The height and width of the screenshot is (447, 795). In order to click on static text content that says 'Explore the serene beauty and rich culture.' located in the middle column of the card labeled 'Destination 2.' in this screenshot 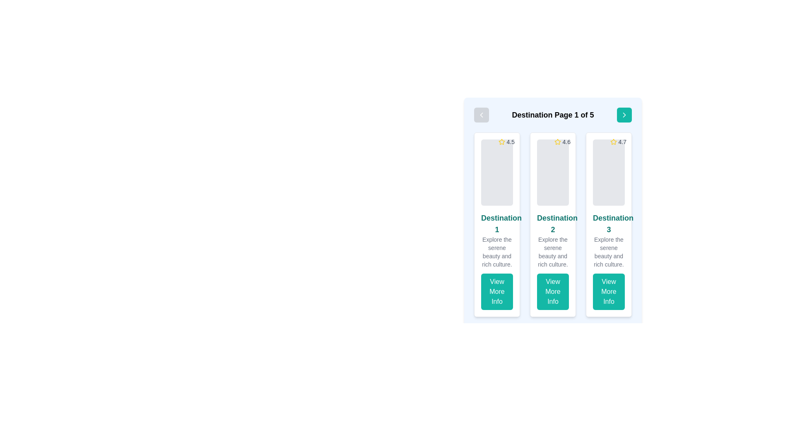, I will do `click(553, 252)`.